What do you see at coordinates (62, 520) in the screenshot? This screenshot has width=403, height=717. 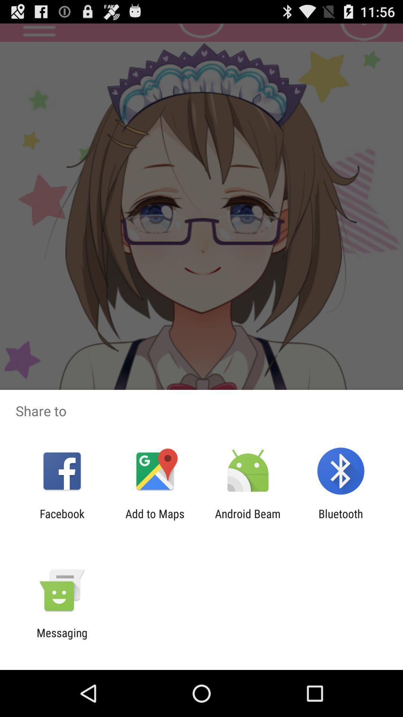 I see `the item next to add to maps app` at bounding box center [62, 520].